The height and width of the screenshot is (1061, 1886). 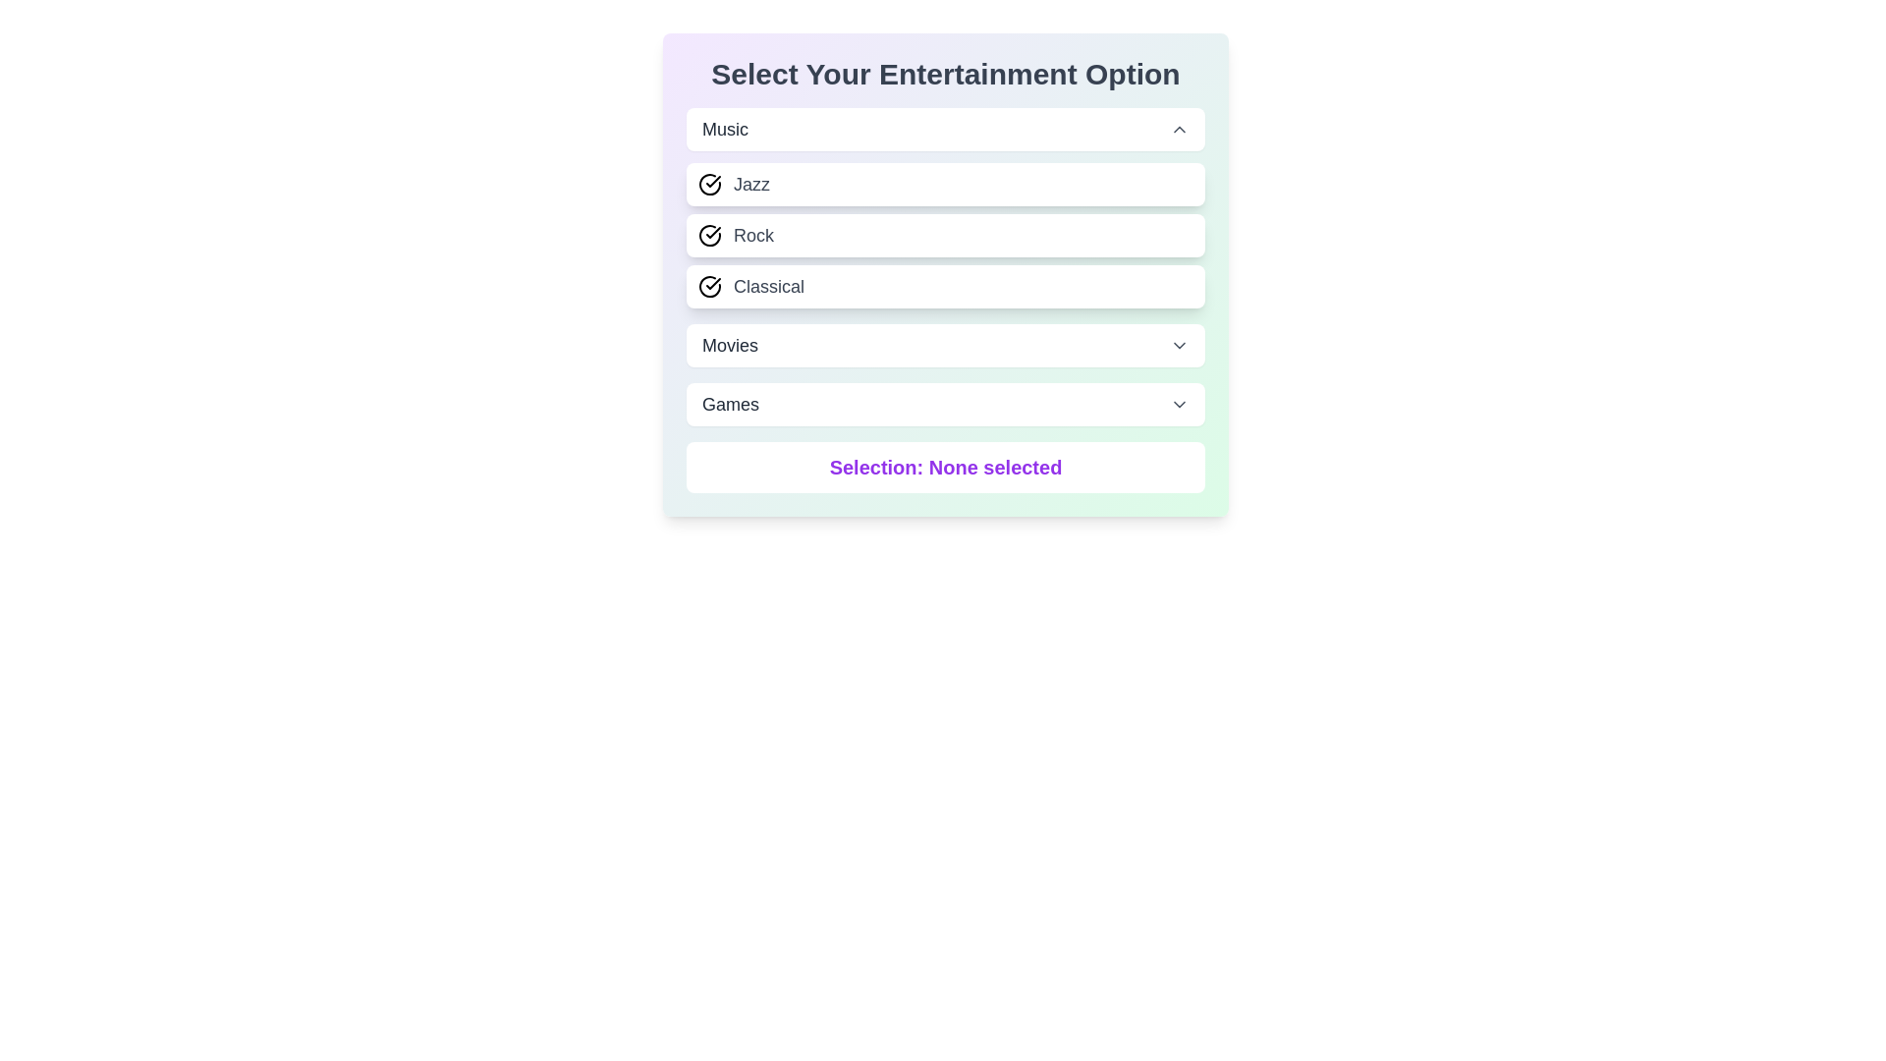 What do you see at coordinates (946, 404) in the screenshot?
I see `the 'Games' button, which is a selectable list item with a white background and a downwards-pointing arrow` at bounding box center [946, 404].